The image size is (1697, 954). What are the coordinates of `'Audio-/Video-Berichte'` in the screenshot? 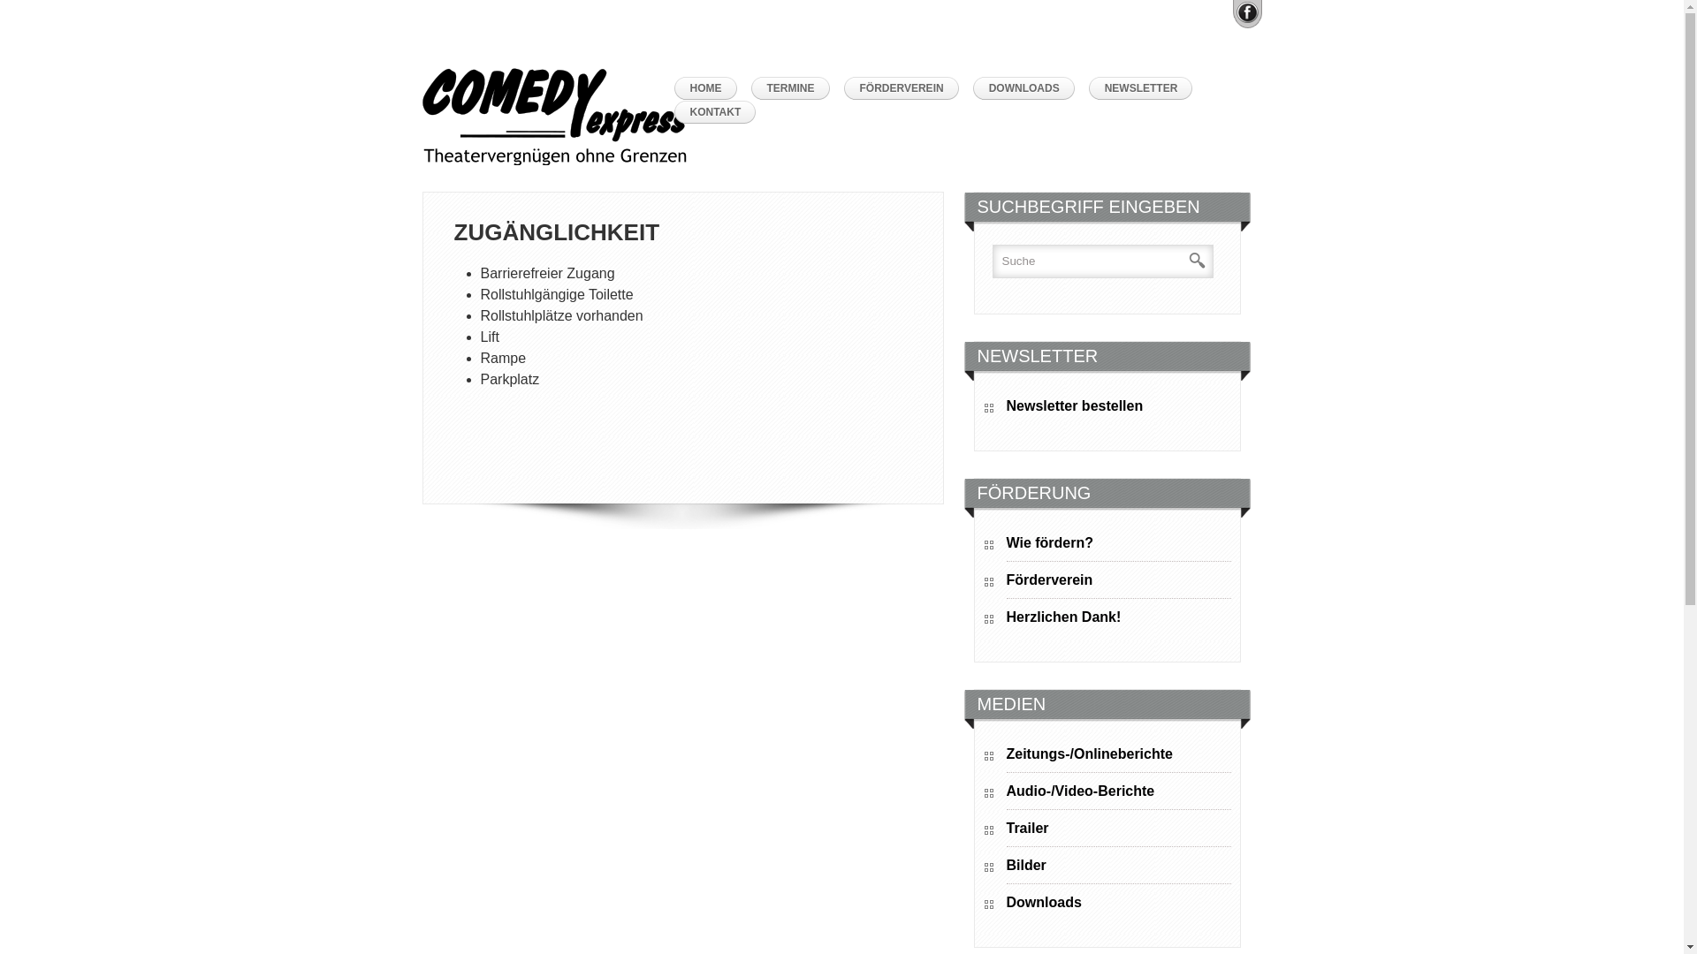 It's located at (1005, 793).